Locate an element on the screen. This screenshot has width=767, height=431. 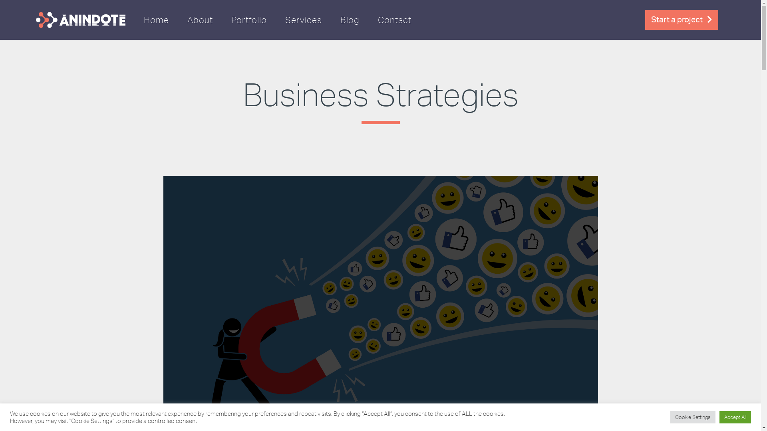
'Contact' is located at coordinates (395, 20).